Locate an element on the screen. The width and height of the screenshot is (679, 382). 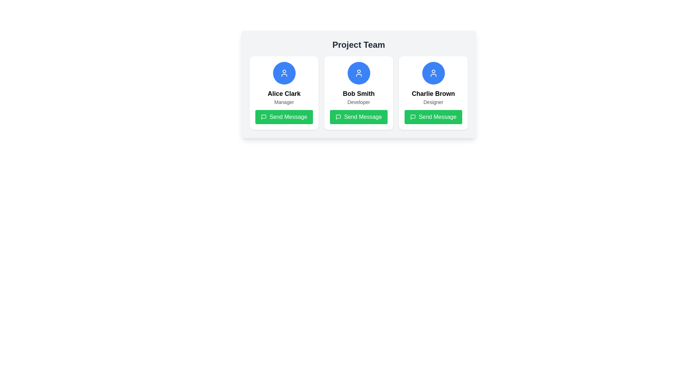
the text label 'Developer' which is styled with a gray font and positioned below the larger text 'Bob Smith' in the center card of a team member layout is located at coordinates (359, 102).